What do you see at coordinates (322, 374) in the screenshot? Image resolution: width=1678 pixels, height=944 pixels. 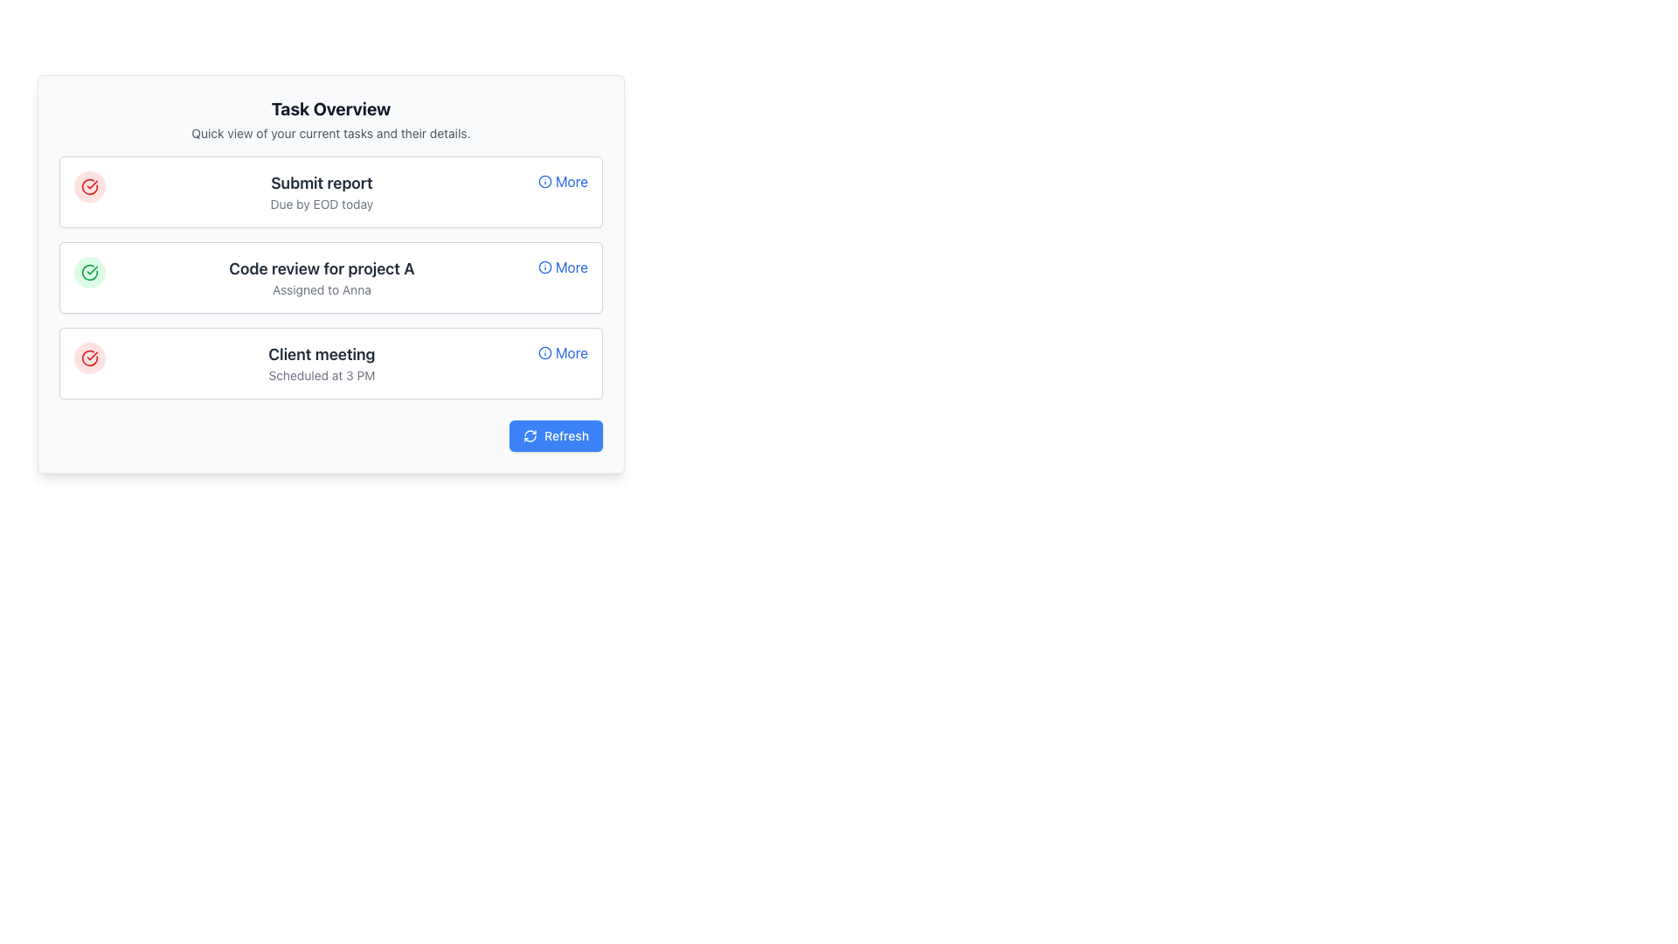 I see `the additional scheduling information label located beneath the 'Client Meeting' label in the third task card of the task overview list` at bounding box center [322, 374].